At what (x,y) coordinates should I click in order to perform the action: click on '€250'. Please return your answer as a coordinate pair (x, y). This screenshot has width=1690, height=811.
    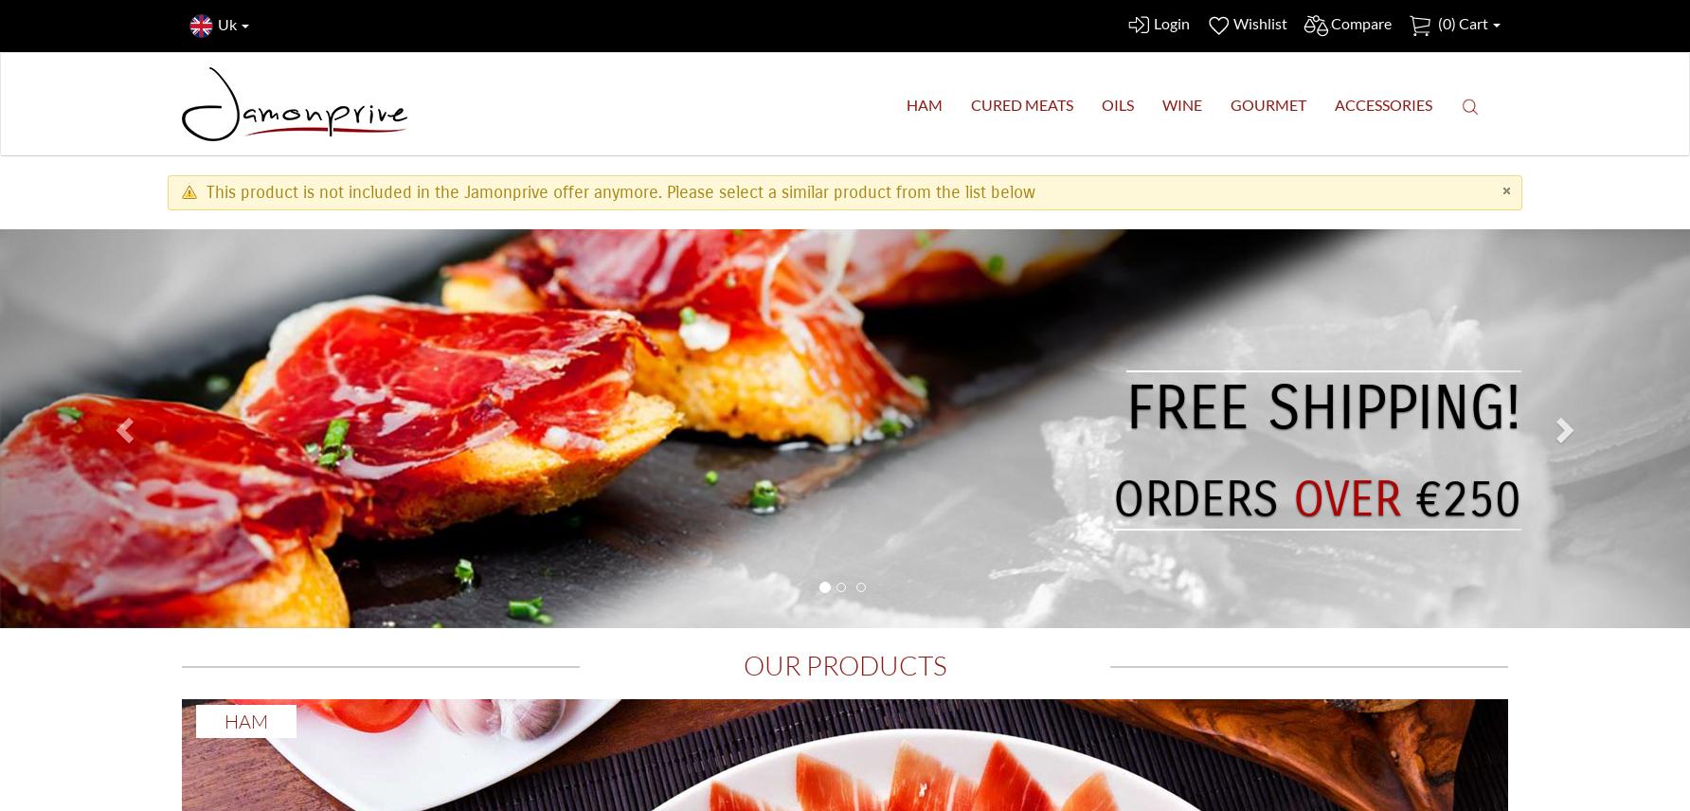
    Looking at the image, I should click on (53, 498).